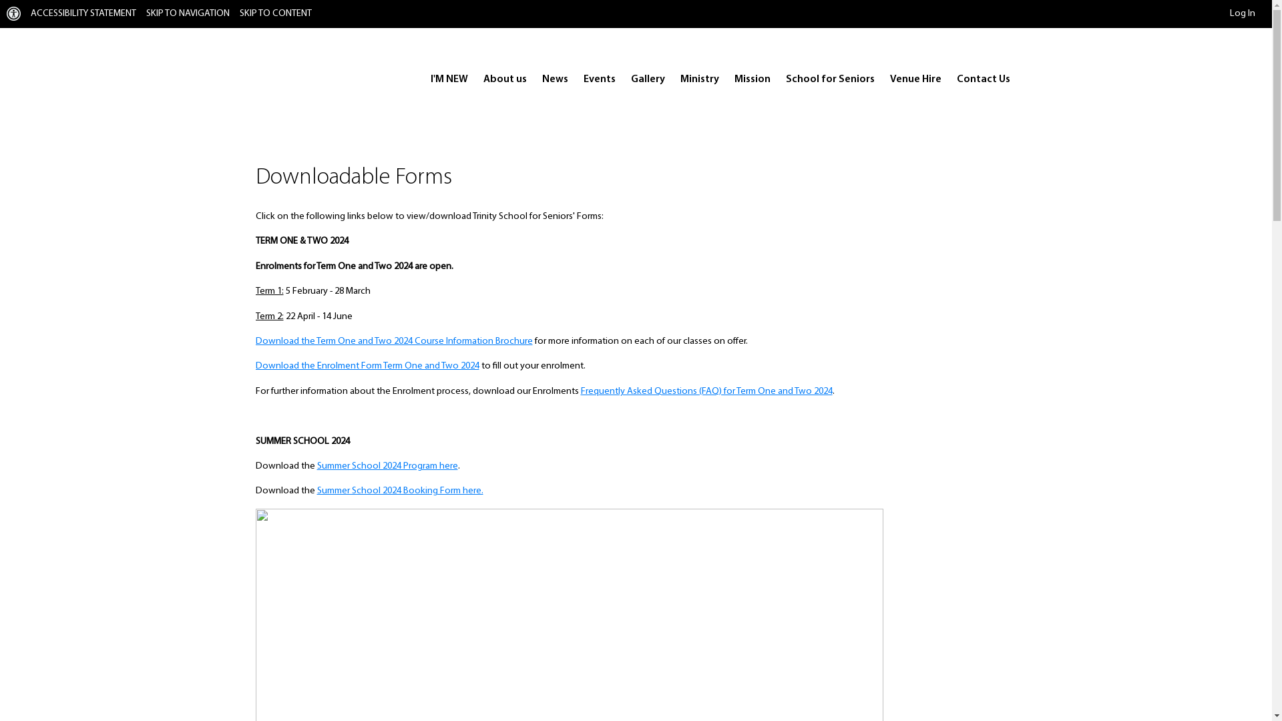 The width and height of the screenshot is (1282, 721). I want to click on 'SKIP TO NAVIGATION', so click(146, 13).